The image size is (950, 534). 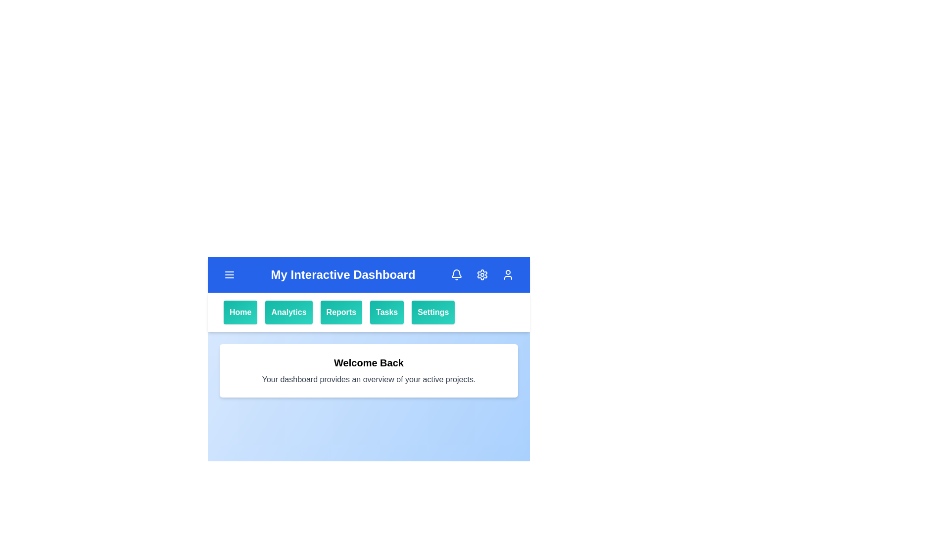 I want to click on the Home button in the navigation bar, so click(x=240, y=312).